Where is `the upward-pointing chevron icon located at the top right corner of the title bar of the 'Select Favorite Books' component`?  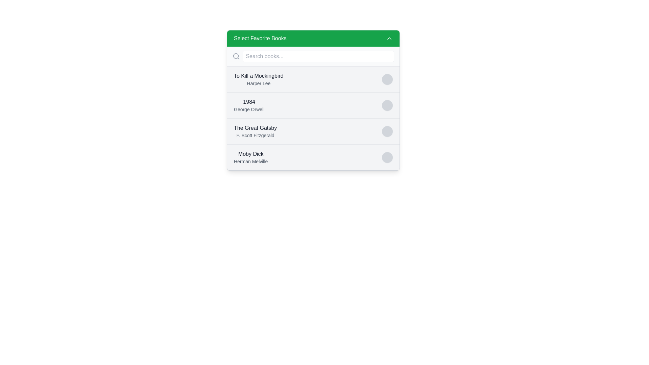
the upward-pointing chevron icon located at the top right corner of the title bar of the 'Select Favorite Books' component is located at coordinates (389, 39).